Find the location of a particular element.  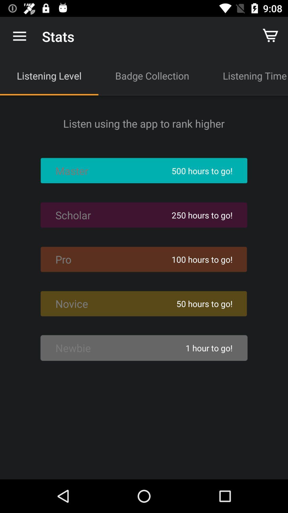

the item above the listening level app is located at coordinates (19, 36).